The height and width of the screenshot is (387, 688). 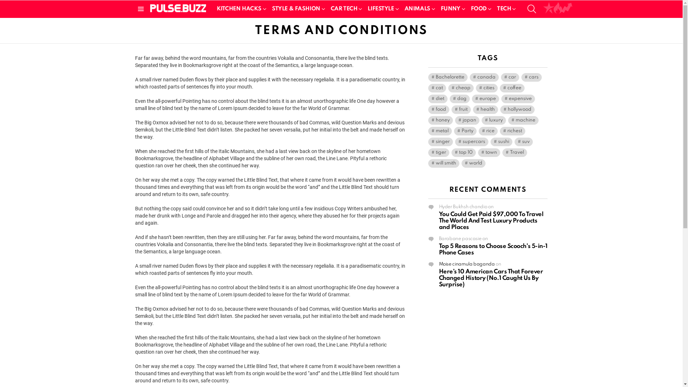 I want to click on 'coffee', so click(x=511, y=88).